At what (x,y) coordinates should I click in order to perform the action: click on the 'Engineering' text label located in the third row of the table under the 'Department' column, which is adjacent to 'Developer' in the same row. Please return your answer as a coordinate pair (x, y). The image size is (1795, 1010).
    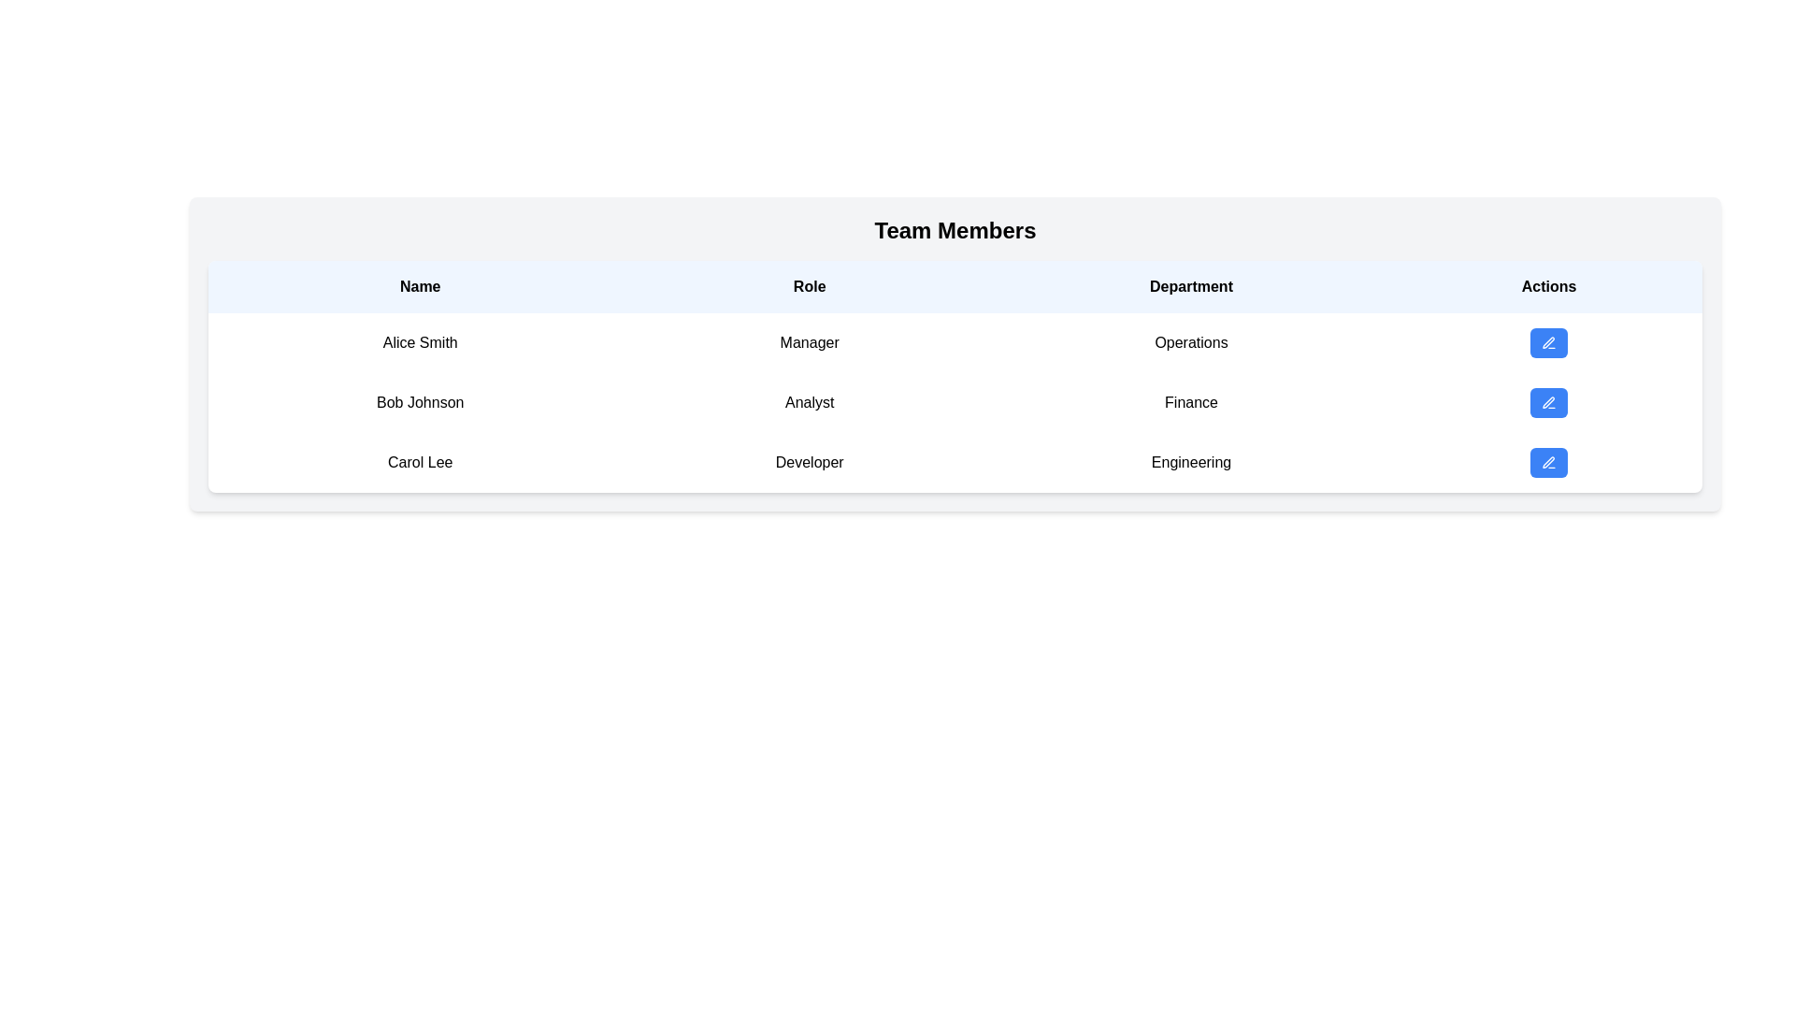
    Looking at the image, I should click on (1190, 462).